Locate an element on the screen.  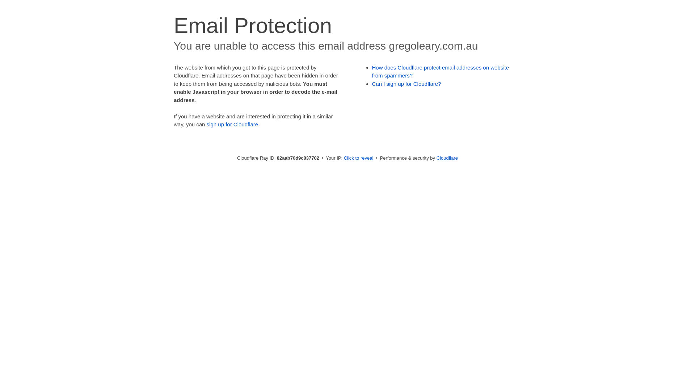
'Click to reveal' is located at coordinates (358, 157).